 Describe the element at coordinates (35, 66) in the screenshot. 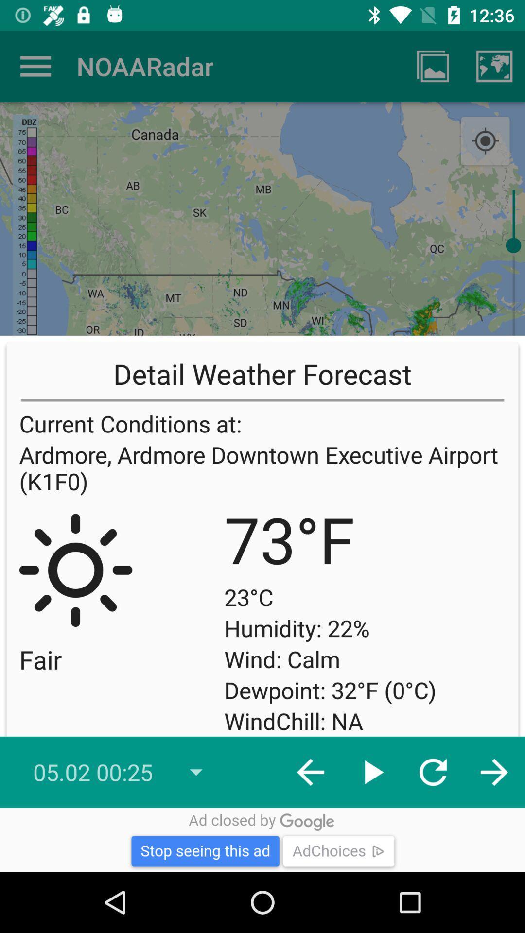

I see `icon to the left of noaaradar app` at that location.